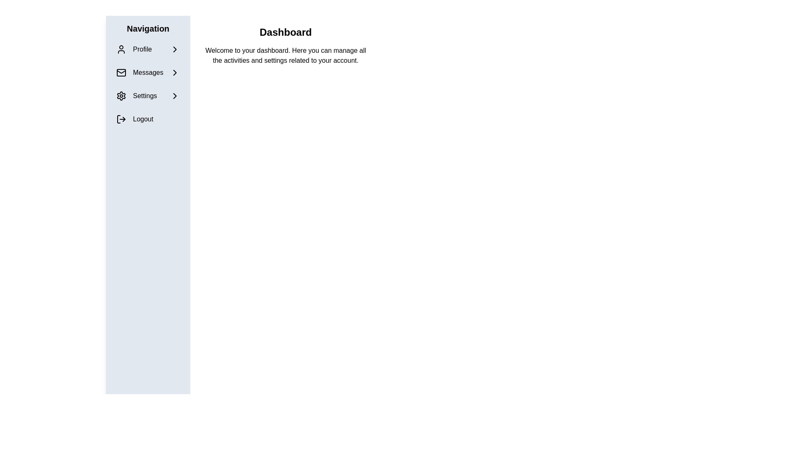  I want to click on the 'Logout' button, which features a logout icon and is the fourth item in the vertical navigation menu on the left side of the interface, so click(148, 119).